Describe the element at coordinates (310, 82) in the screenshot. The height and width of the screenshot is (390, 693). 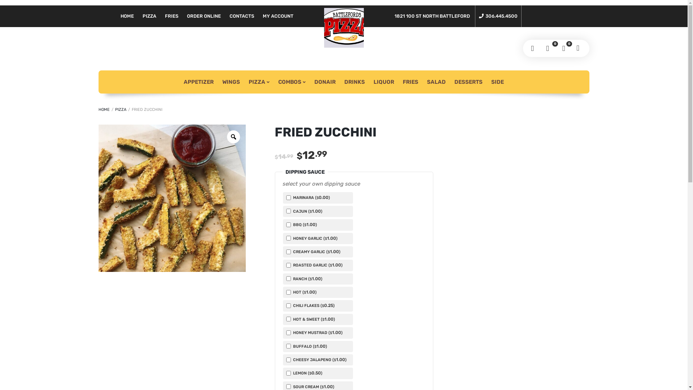
I see `'DONAIR'` at that location.